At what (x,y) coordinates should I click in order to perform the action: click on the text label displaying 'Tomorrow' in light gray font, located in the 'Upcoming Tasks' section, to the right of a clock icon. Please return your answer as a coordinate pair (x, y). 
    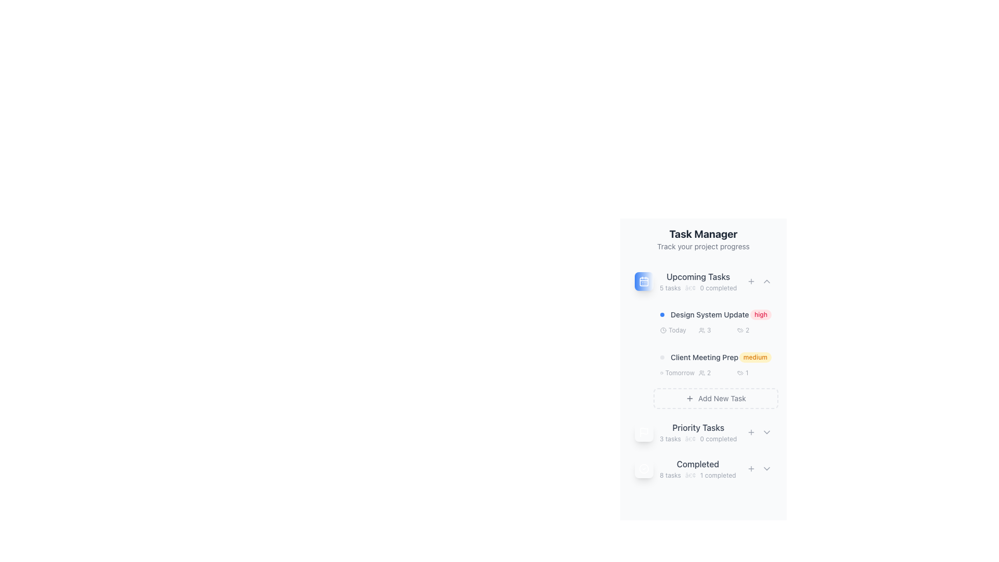
    Looking at the image, I should click on (680, 373).